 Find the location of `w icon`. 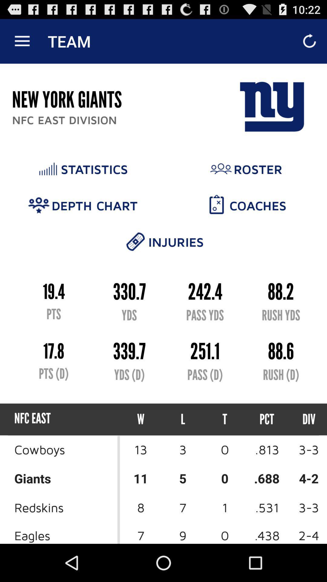

w icon is located at coordinates (141, 419).